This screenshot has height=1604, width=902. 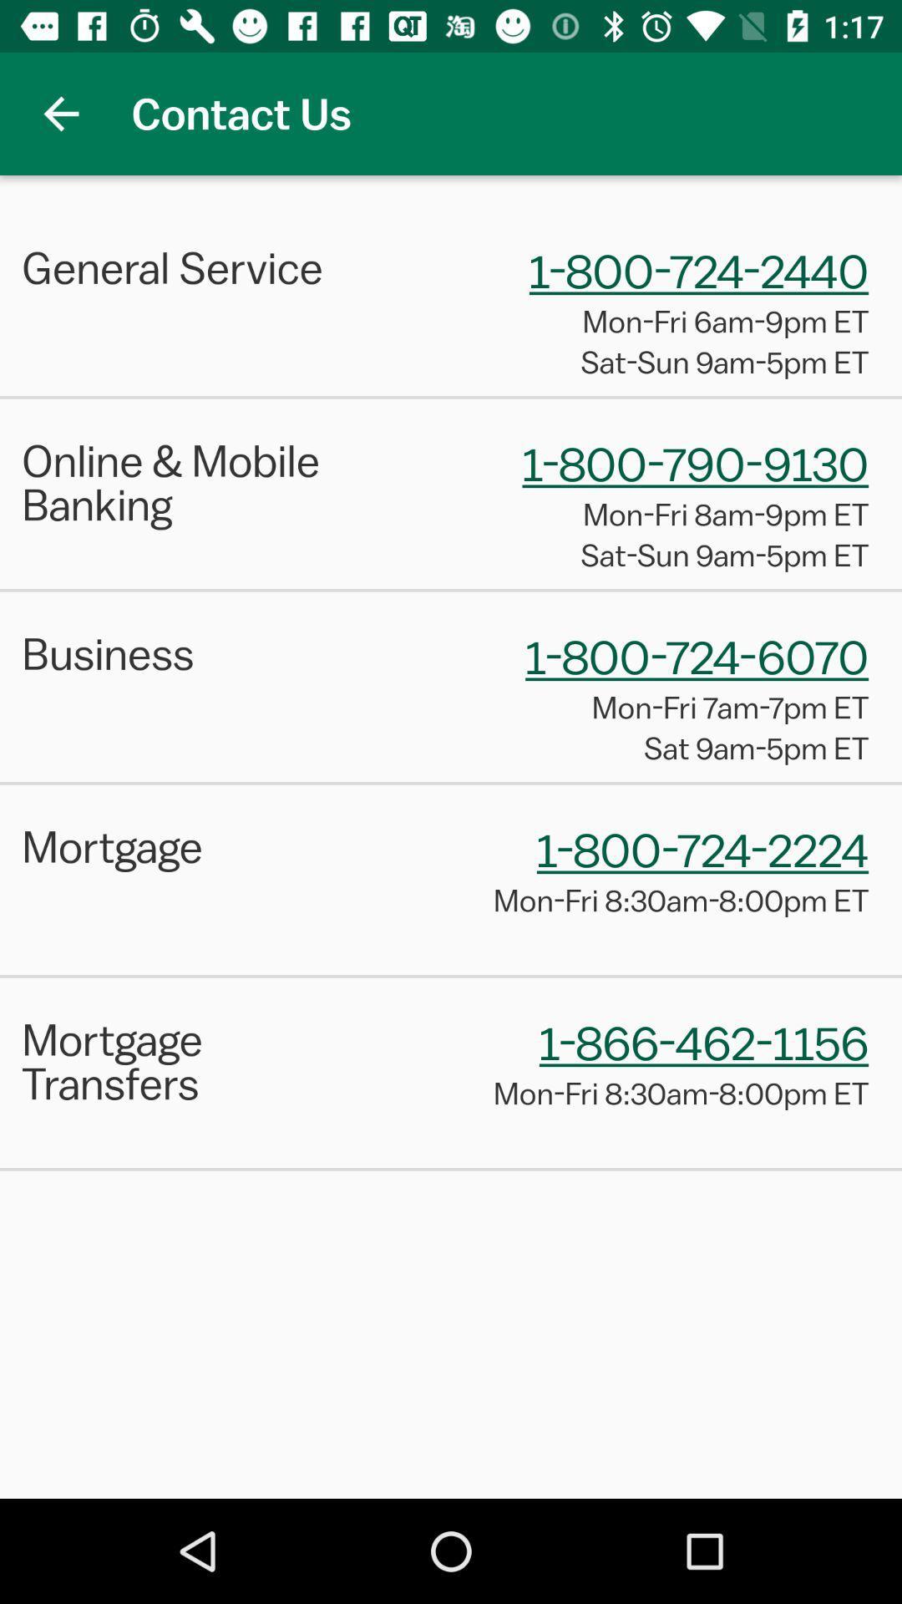 I want to click on online & mobile banking, so click(x=196, y=481).